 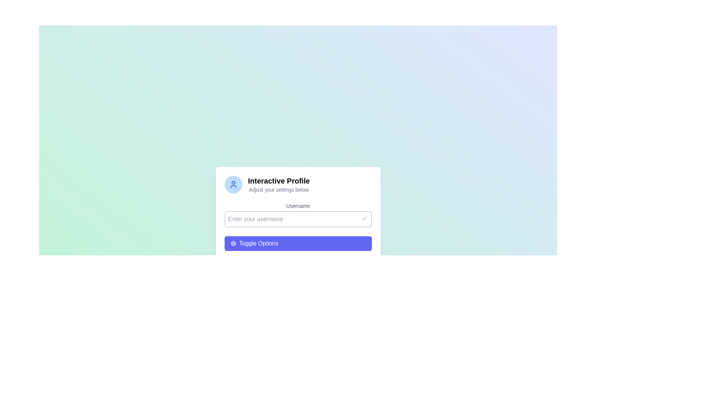 I want to click on the circular user profile icon with a light blue background located at the top-left side of the card labeled 'Interactive Profile Adjust your settings below', so click(x=233, y=184).